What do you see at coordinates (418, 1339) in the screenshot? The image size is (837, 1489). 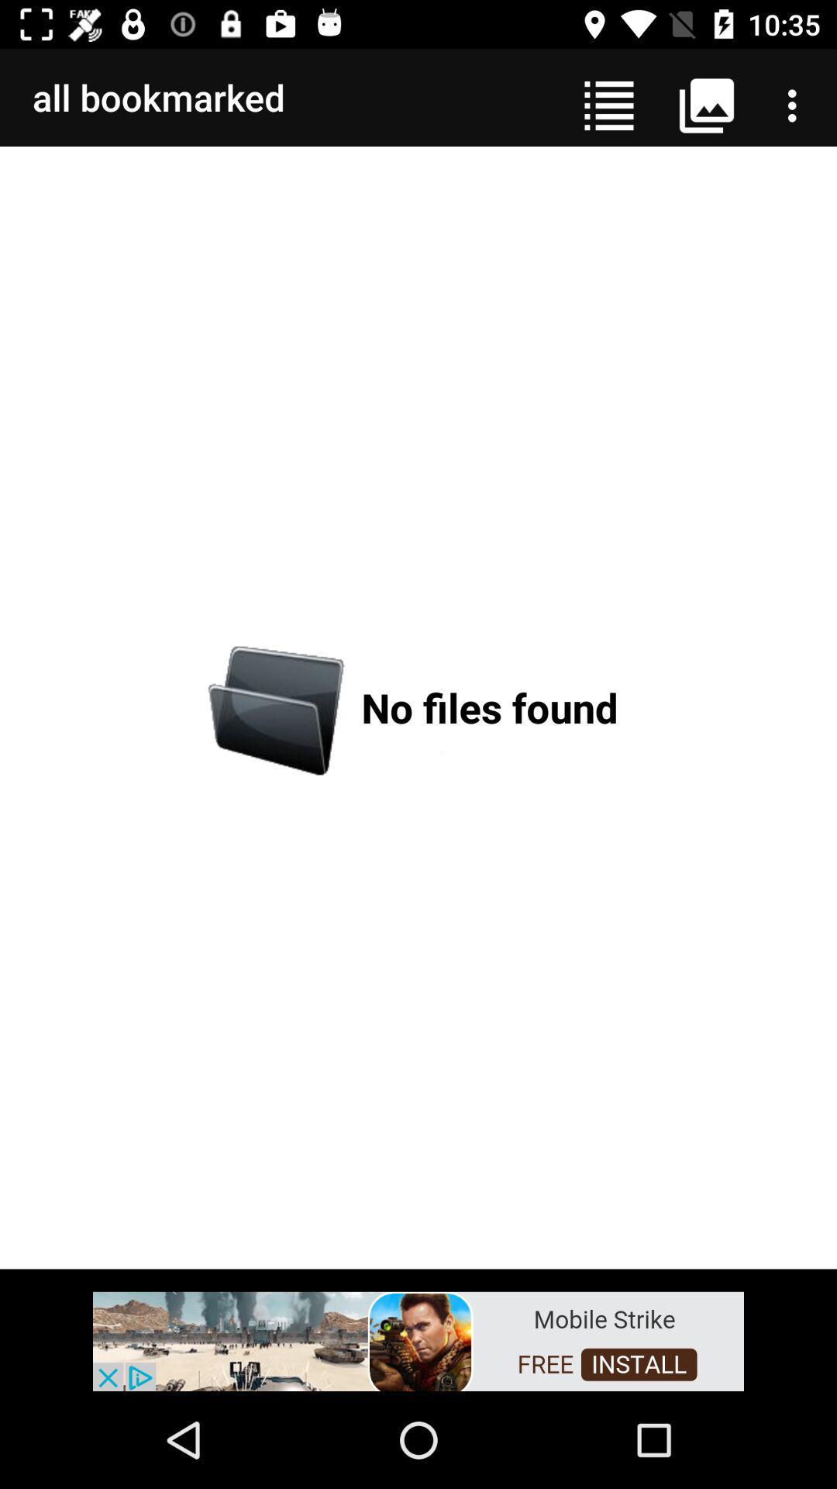 I see `advisement area` at bounding box center [418, 1339].